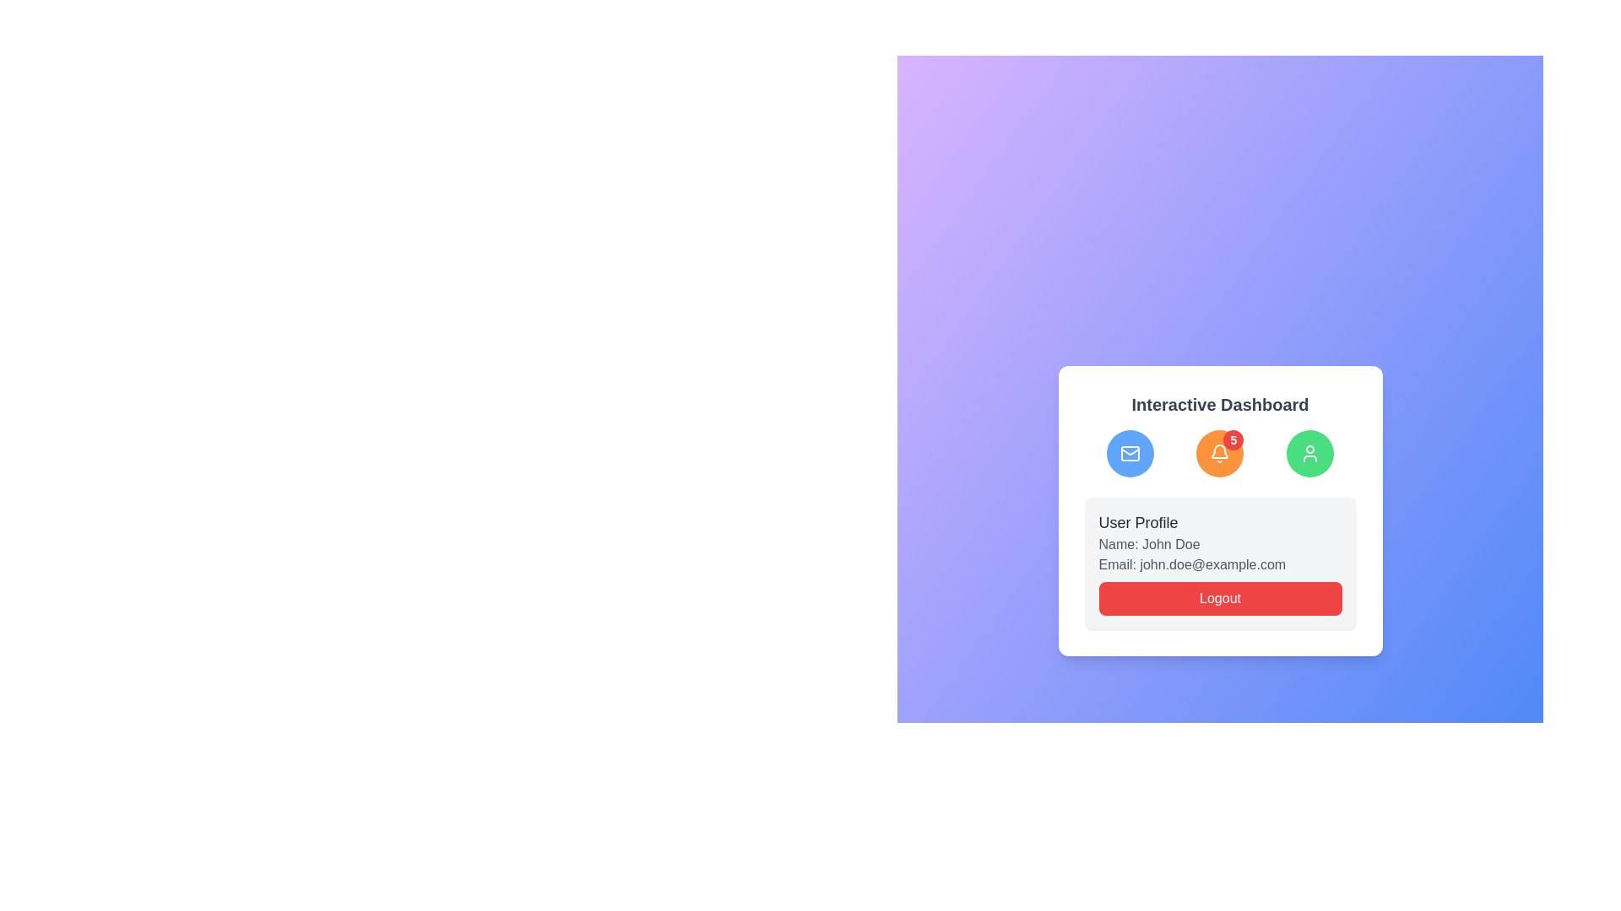  I want to click on the non-interactive badge displaying the number '5' in white text on a red background, located at the top-right corner of the notification bell icon, so click(1233, 439).